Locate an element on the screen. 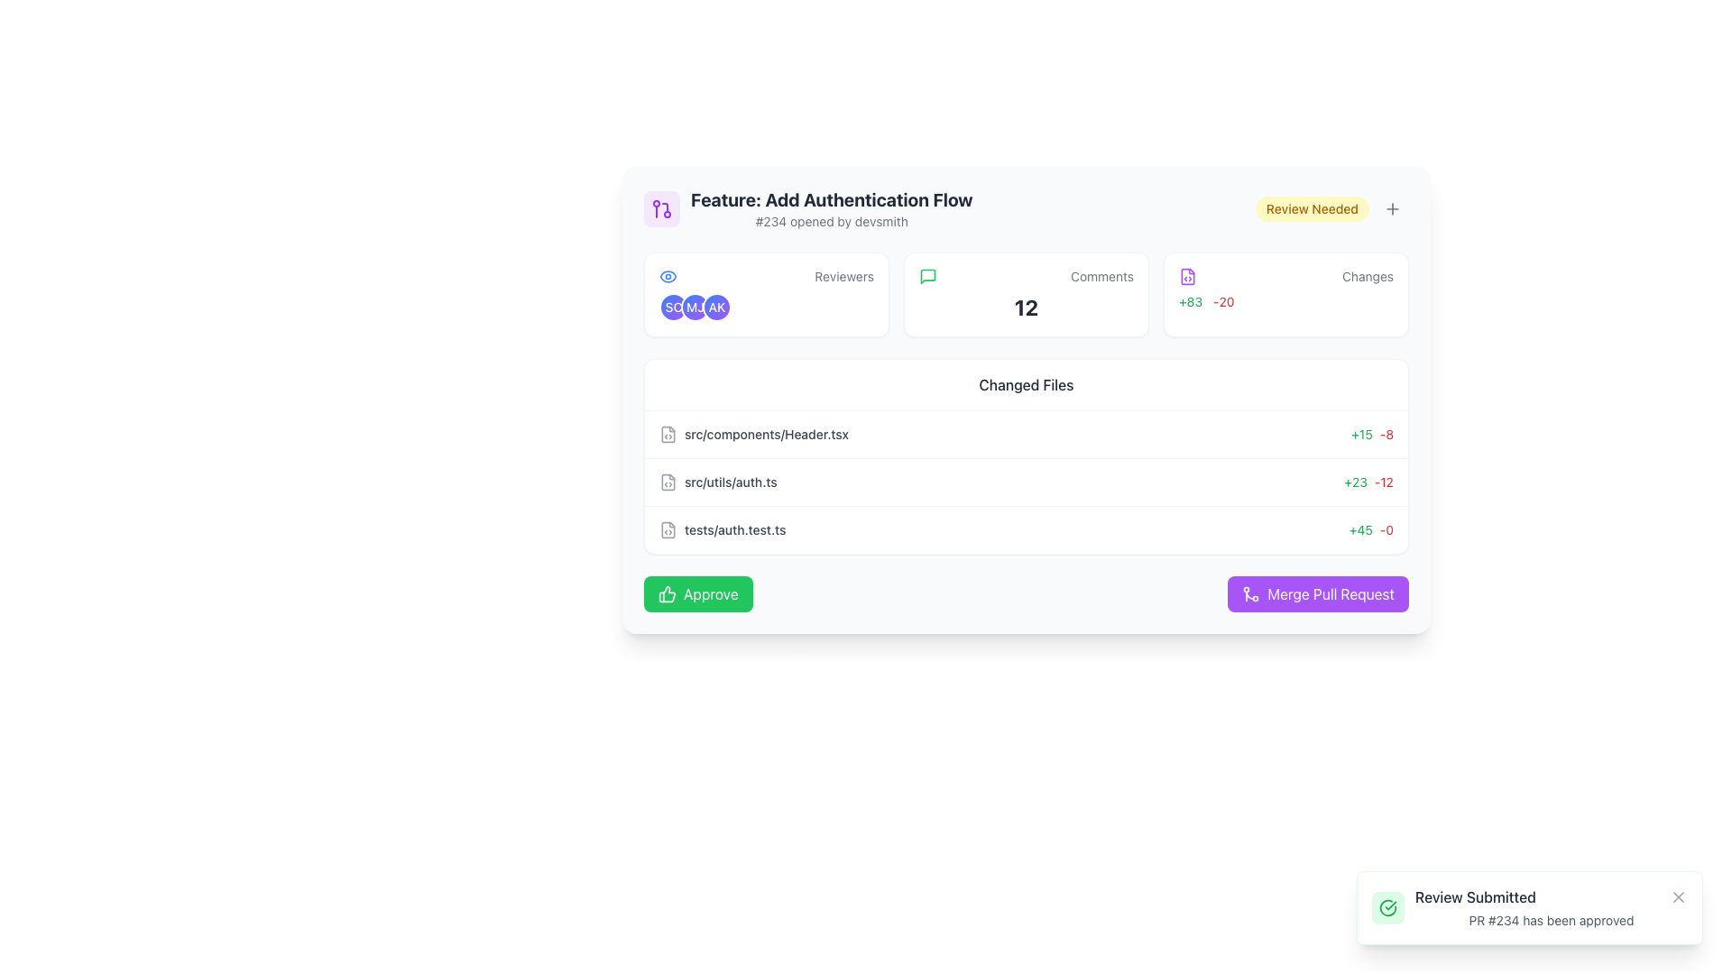 Image resolution: width=1732 pixels, height=974 pixels. the label displaying the text '+45-0', which is styled with '+45' in green and '-0' in red, located to the right of the file name 'tests/auth.test.ts' in the 'Changed Files' section is located at coordinates (1371, 528).